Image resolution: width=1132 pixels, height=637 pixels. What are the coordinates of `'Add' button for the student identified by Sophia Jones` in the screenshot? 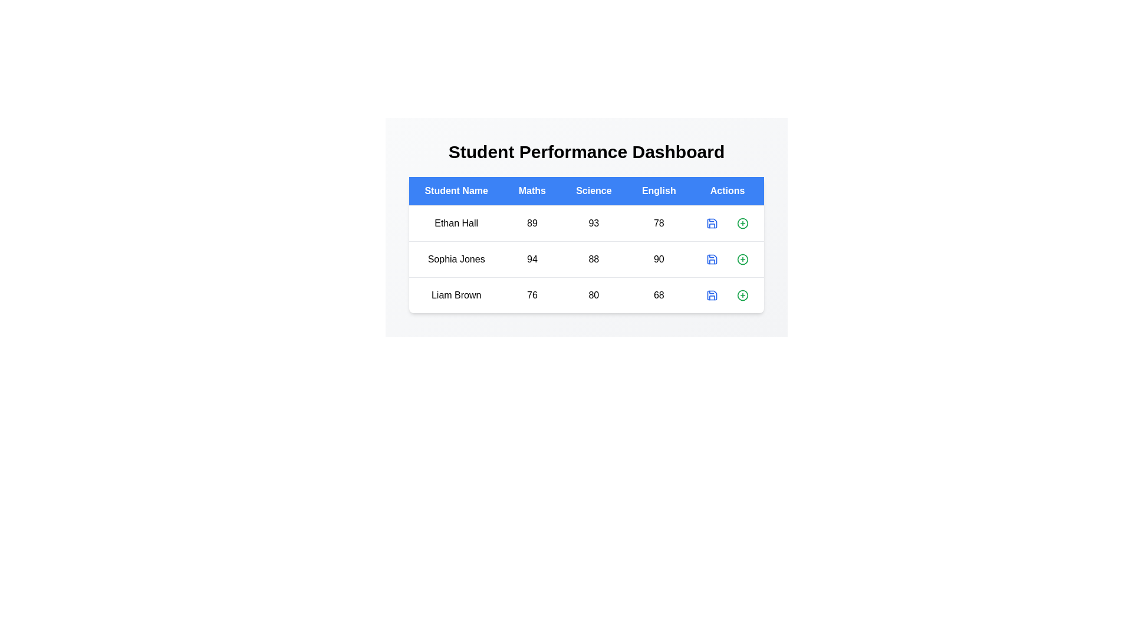 It's located at (742, 258).